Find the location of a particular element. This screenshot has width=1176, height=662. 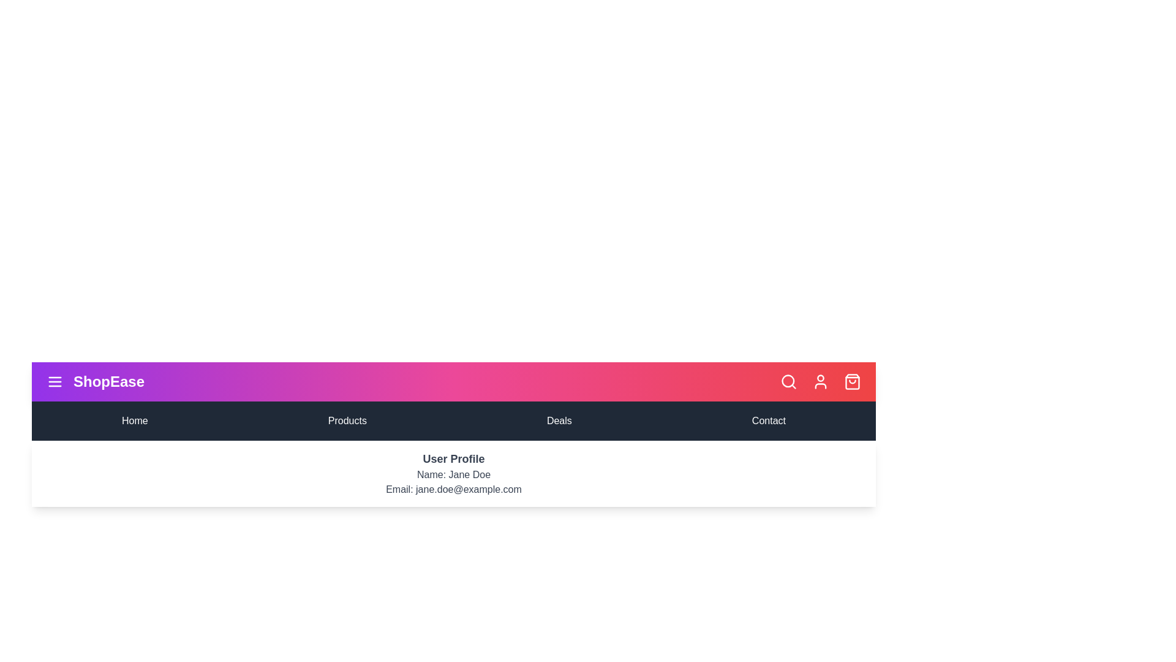

the search icon to activate the search functionality is located at coordinates (788, 381).